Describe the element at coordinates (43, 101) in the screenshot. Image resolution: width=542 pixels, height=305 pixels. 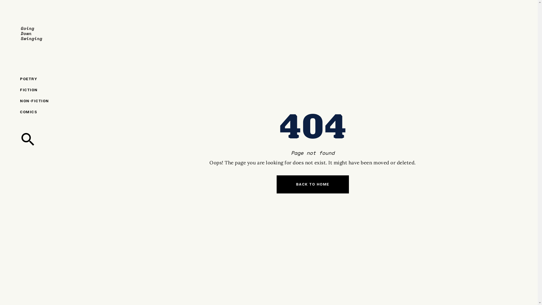
I see `'NON-FICTION'` at that location.